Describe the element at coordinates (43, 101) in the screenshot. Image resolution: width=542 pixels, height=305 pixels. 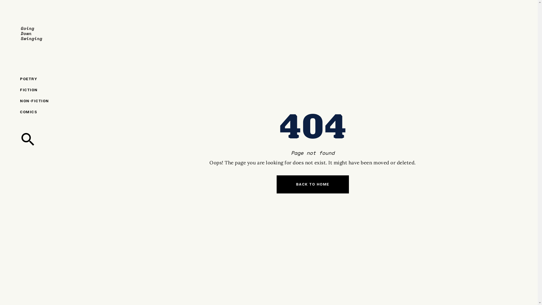
I see `'NON-FICTION'` at that location.